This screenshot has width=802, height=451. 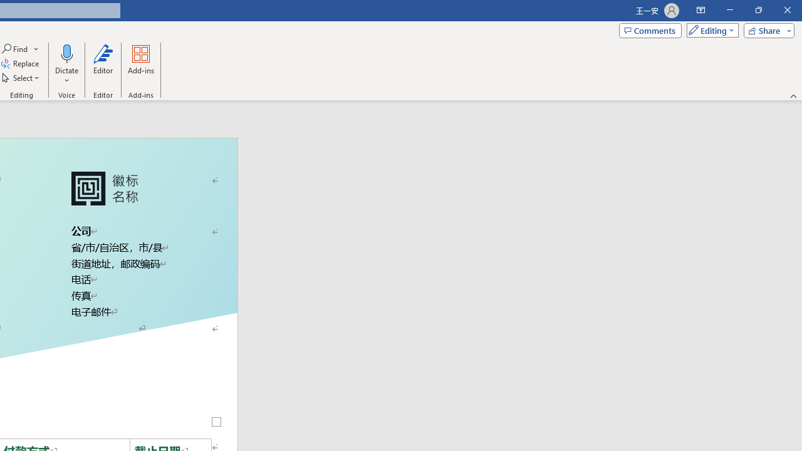 I want to click on 'Share', so click(x=766, y=29).